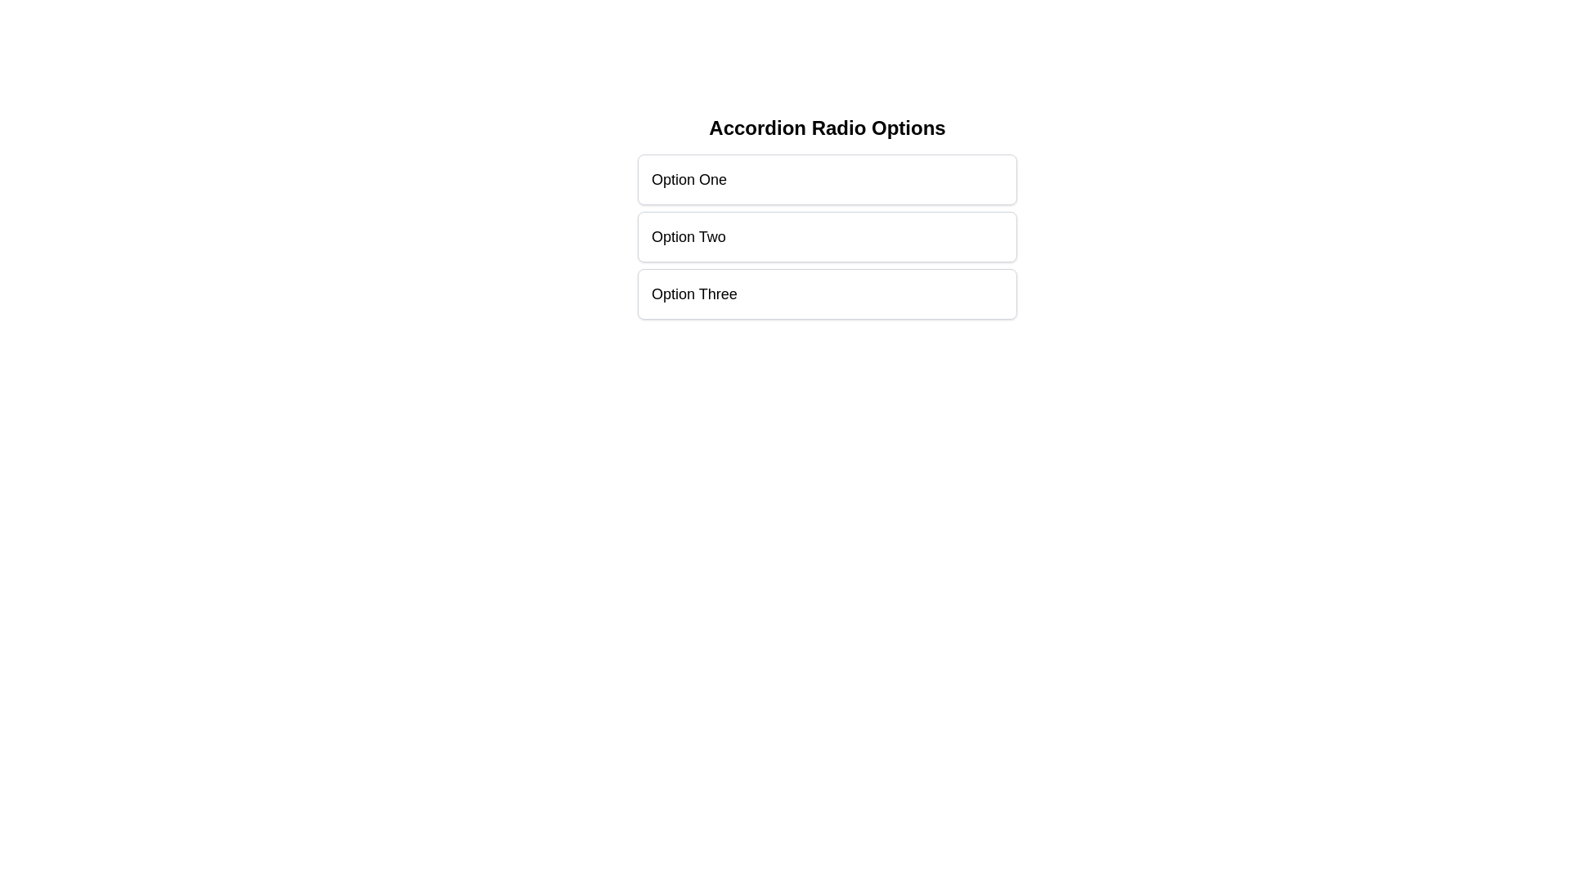 The image size is (1570, 883). Describe the element at coordinates (828, 179) in the screenshot. I see `the top-most interactive list item in the 'Accordion Radio Options' group` at that location.